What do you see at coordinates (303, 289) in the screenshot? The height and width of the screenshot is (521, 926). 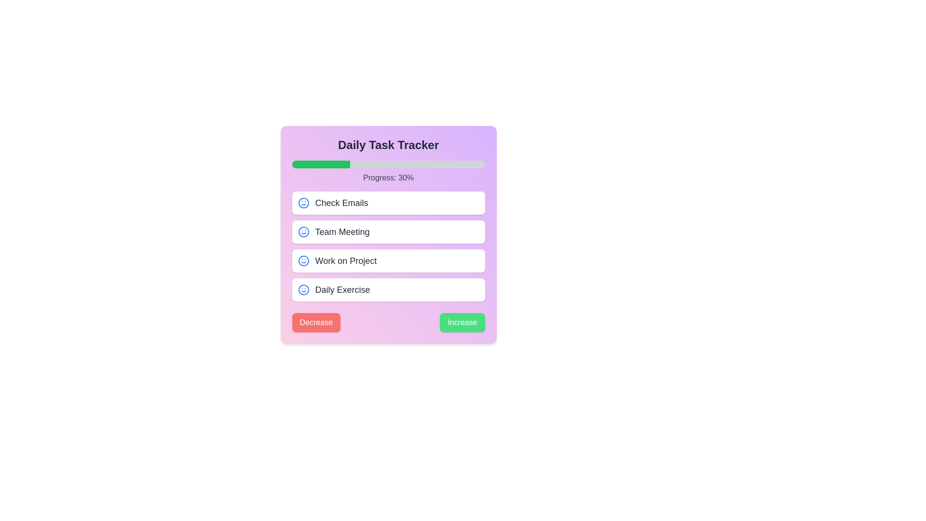 I see `the visual indicator icon associated with the 'Daily Exercise' task, which is located to the left of the text within a white rectangular box with rounded corners` at bounding box center [303, 289].